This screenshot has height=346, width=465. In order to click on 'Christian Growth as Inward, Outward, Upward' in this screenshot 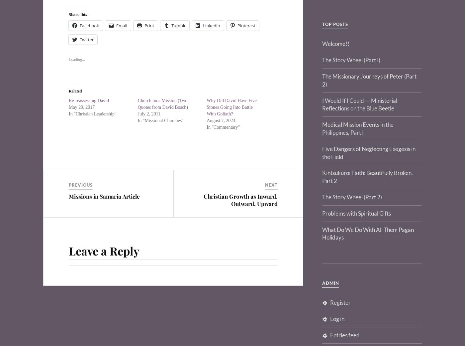, I will do `click(240, 199)`.